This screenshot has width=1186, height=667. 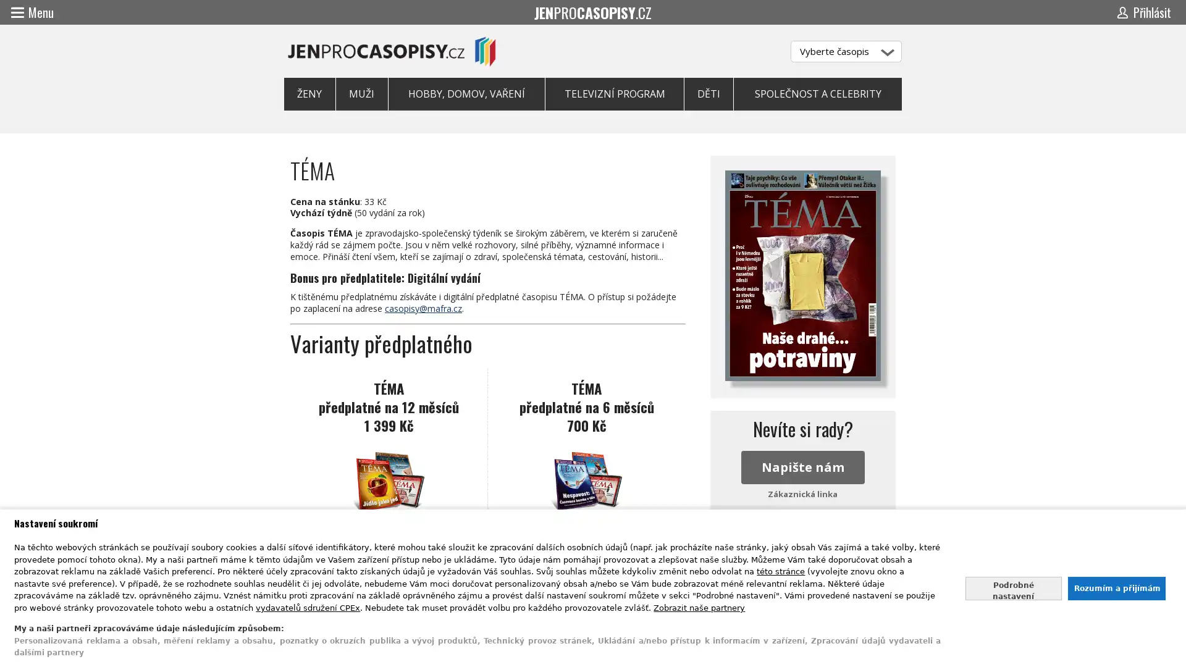 What do you see at coordinates (1116, 587) in the screenshot?
I see `Souhlasit s nasim zpracovanim udaju a zavrit` at bounding box center [1116, 587].